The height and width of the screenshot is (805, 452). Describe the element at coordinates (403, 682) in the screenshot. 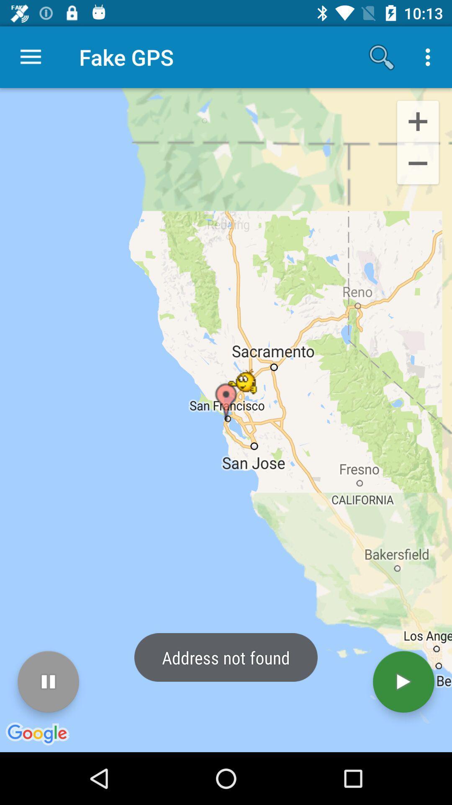

I see `the play icon` at that location.